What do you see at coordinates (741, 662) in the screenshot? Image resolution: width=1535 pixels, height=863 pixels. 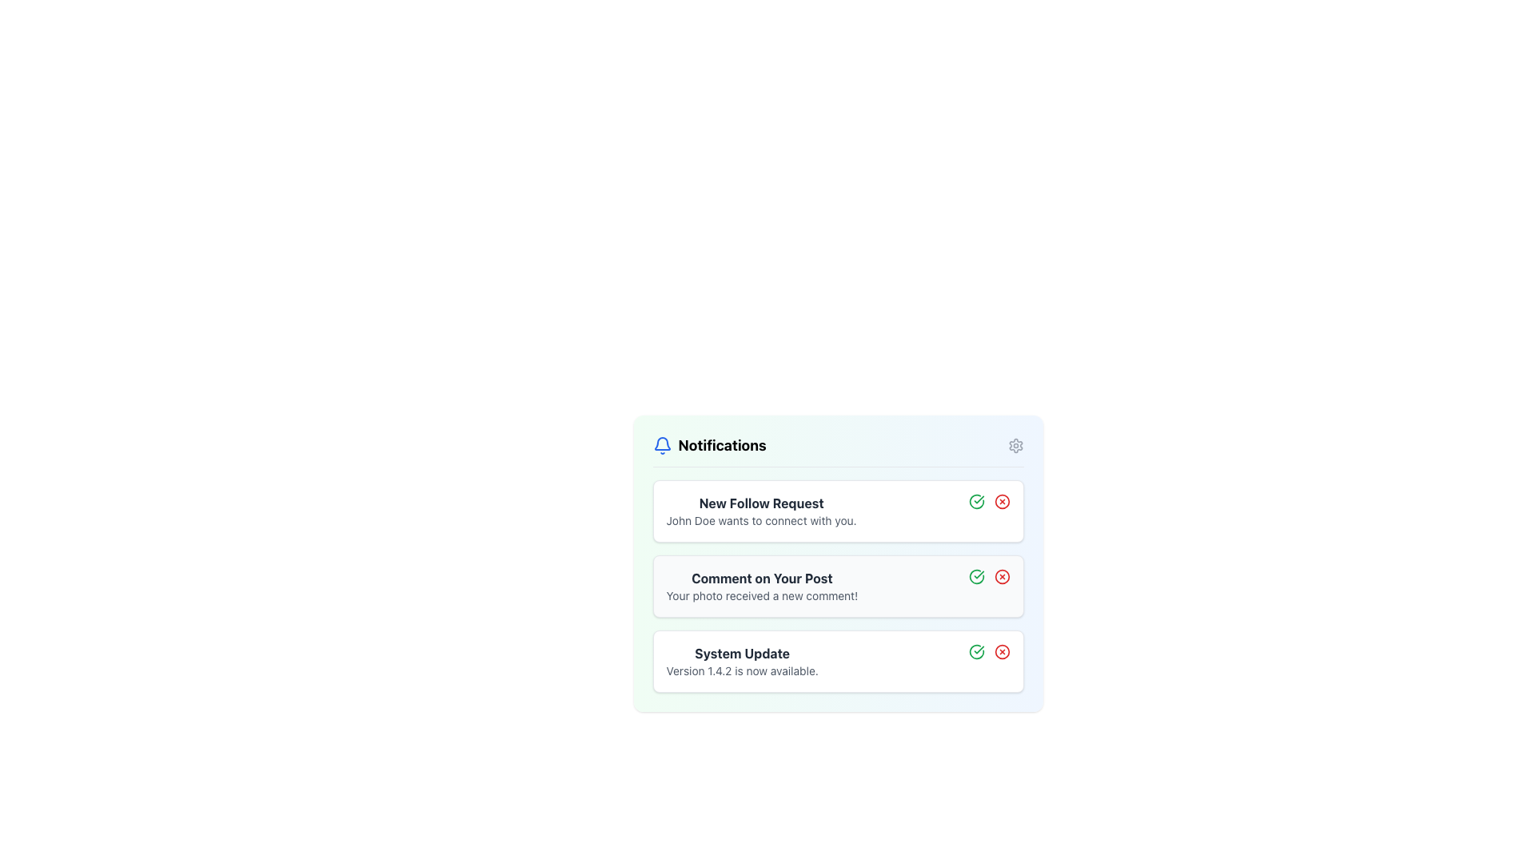 I see `the third notification in the vertical list within the card-like panel to focus on the informational text about the new version update` at bounding box center [741, 662].